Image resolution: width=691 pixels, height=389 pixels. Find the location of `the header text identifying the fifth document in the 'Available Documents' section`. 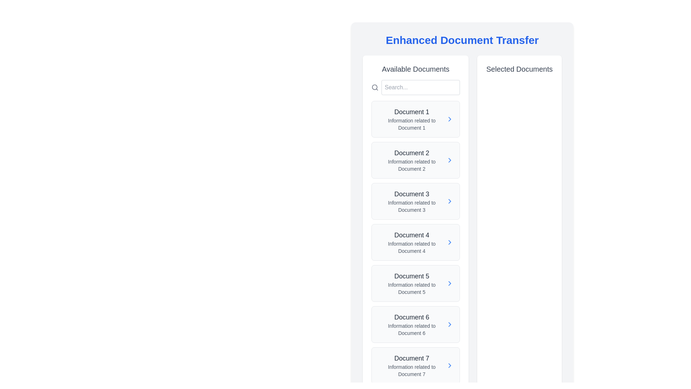

the header text identifying the fifth document in the 'Available Documents' section is located at coordinates (412, 276).